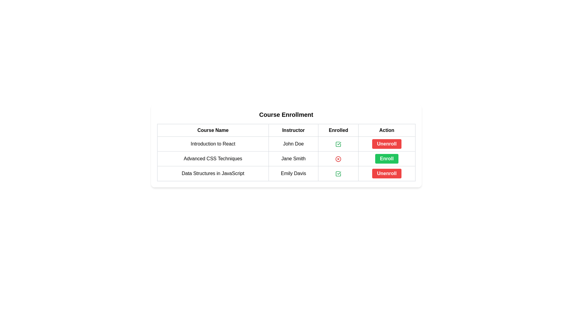  What do you see at coordinates (213, 174) in the screenshot?
I see `the text label displaying 'Data Structures in JavaScript', which is located under the 'Course Name' column in the course enrollment details table` at bounding box center [213, 174].